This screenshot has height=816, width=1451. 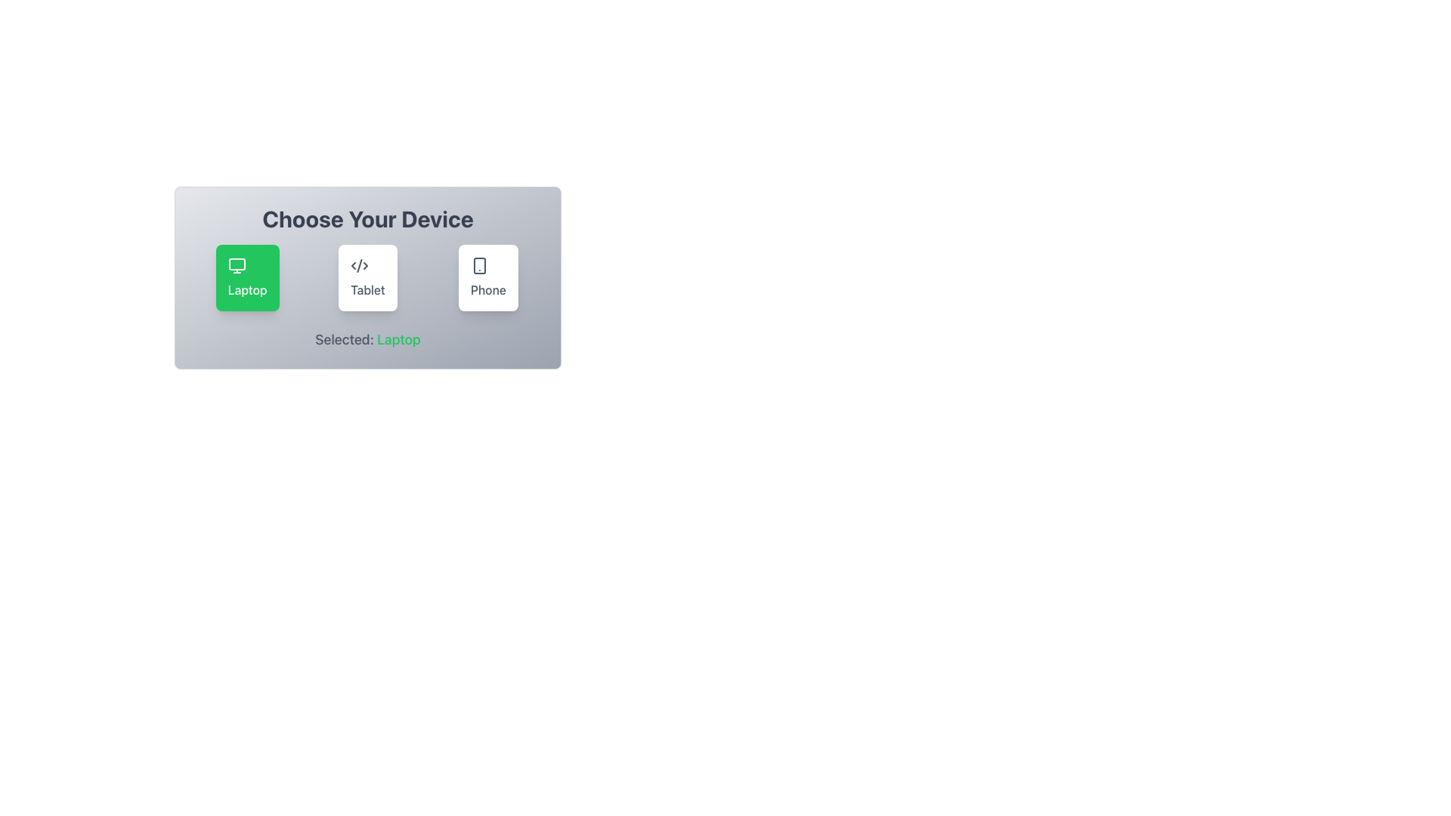 I want to click on the 'Tablet' button, which is the second button in the horizontal layout of three options labeled 'Laptop', 'Tablet', and 'Phone' in the 'Choose Your Device' section, so click(x=367, y=277).